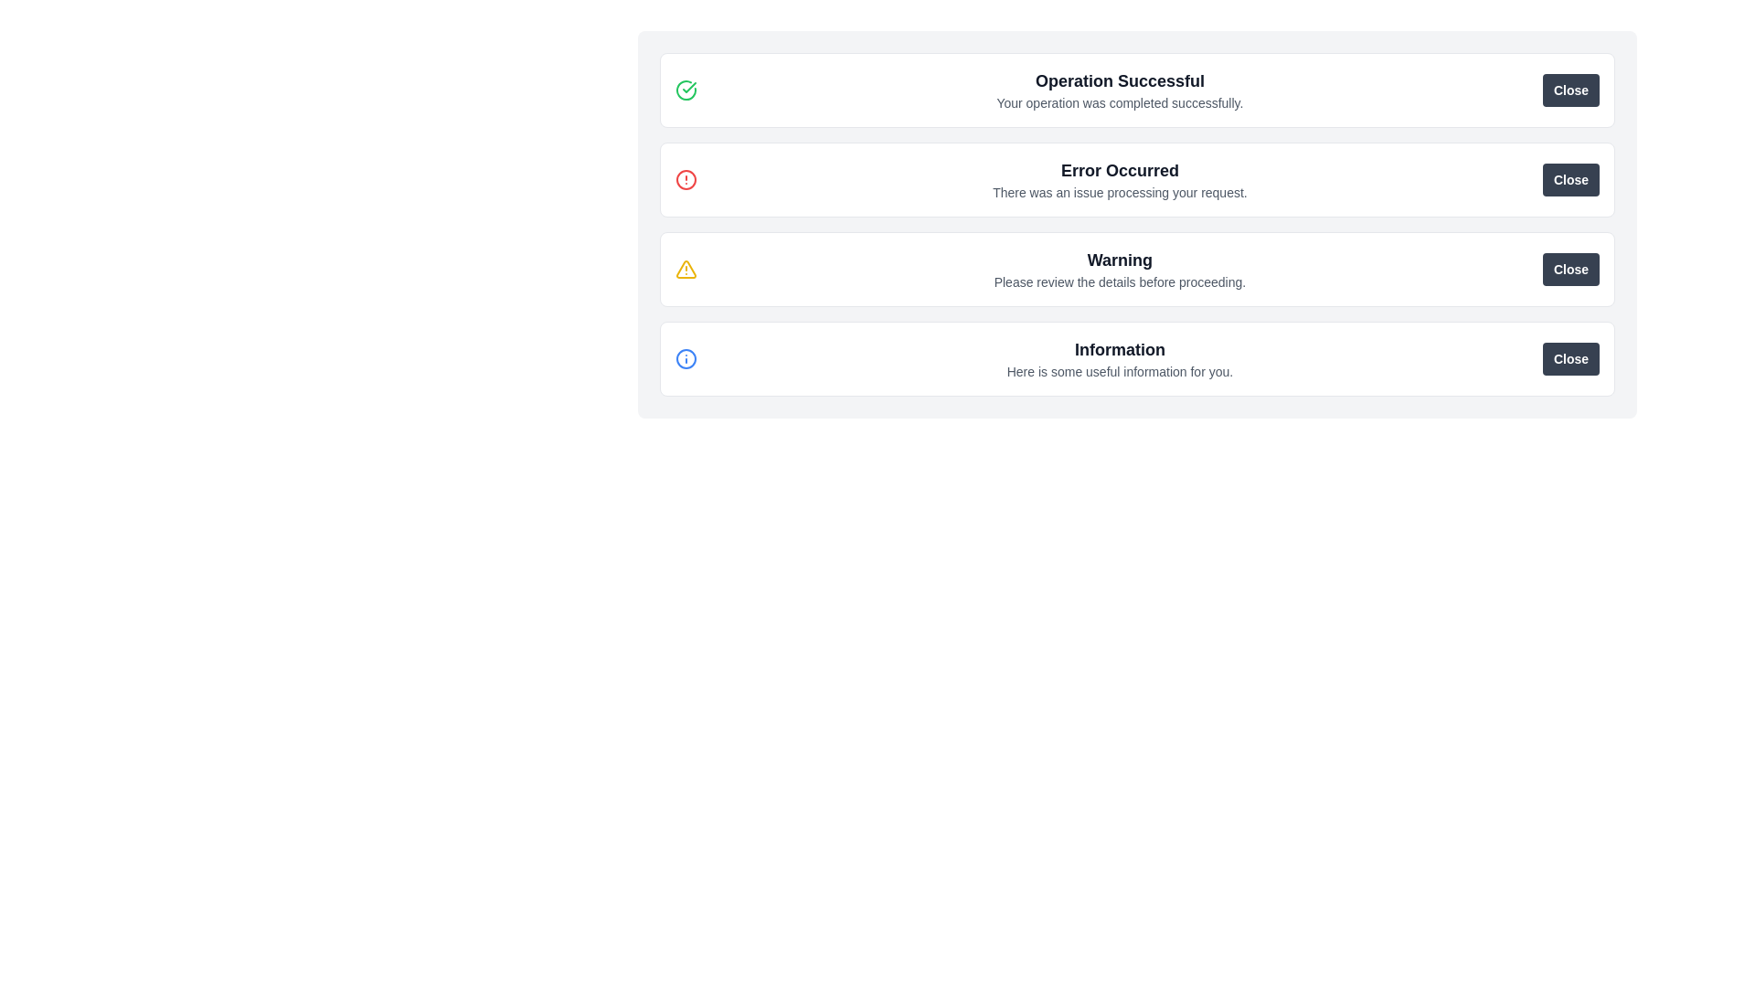 The image size is (1755, 987). What do you see at coordinates (685, 359) in the screenshot?
I see `the information icon located in the fourth item of the vertically stacked list of notification cards, which signifies information or an information-related message` at bounding box center [685, 359].